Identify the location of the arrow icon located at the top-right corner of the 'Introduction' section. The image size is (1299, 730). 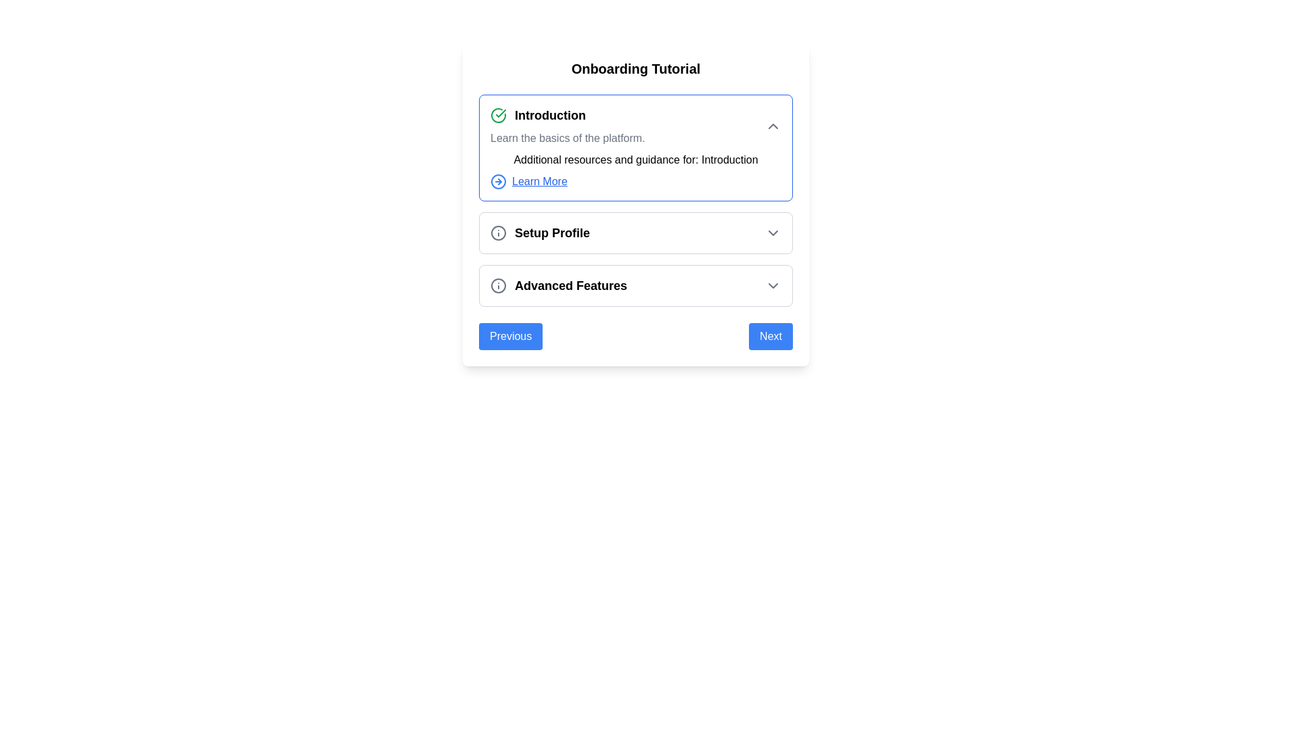
(773, 126).